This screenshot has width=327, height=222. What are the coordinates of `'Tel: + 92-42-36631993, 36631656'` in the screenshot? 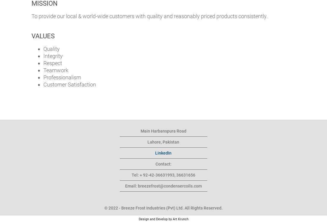 It's located at (131, 175).